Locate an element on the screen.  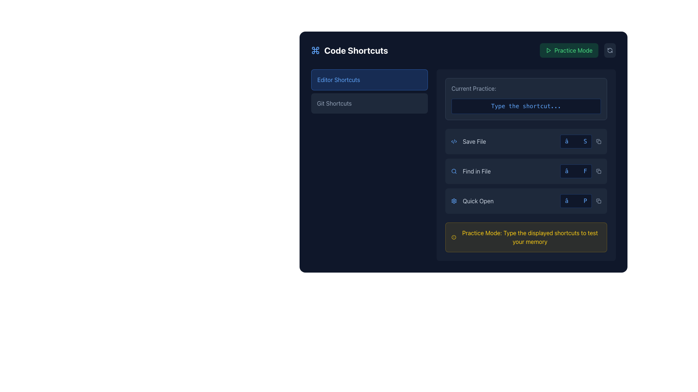
the copy icon button, which resembles two overlapping rectangles and is styled gray, changing to blue on hover is located at coordinates (598, 201).